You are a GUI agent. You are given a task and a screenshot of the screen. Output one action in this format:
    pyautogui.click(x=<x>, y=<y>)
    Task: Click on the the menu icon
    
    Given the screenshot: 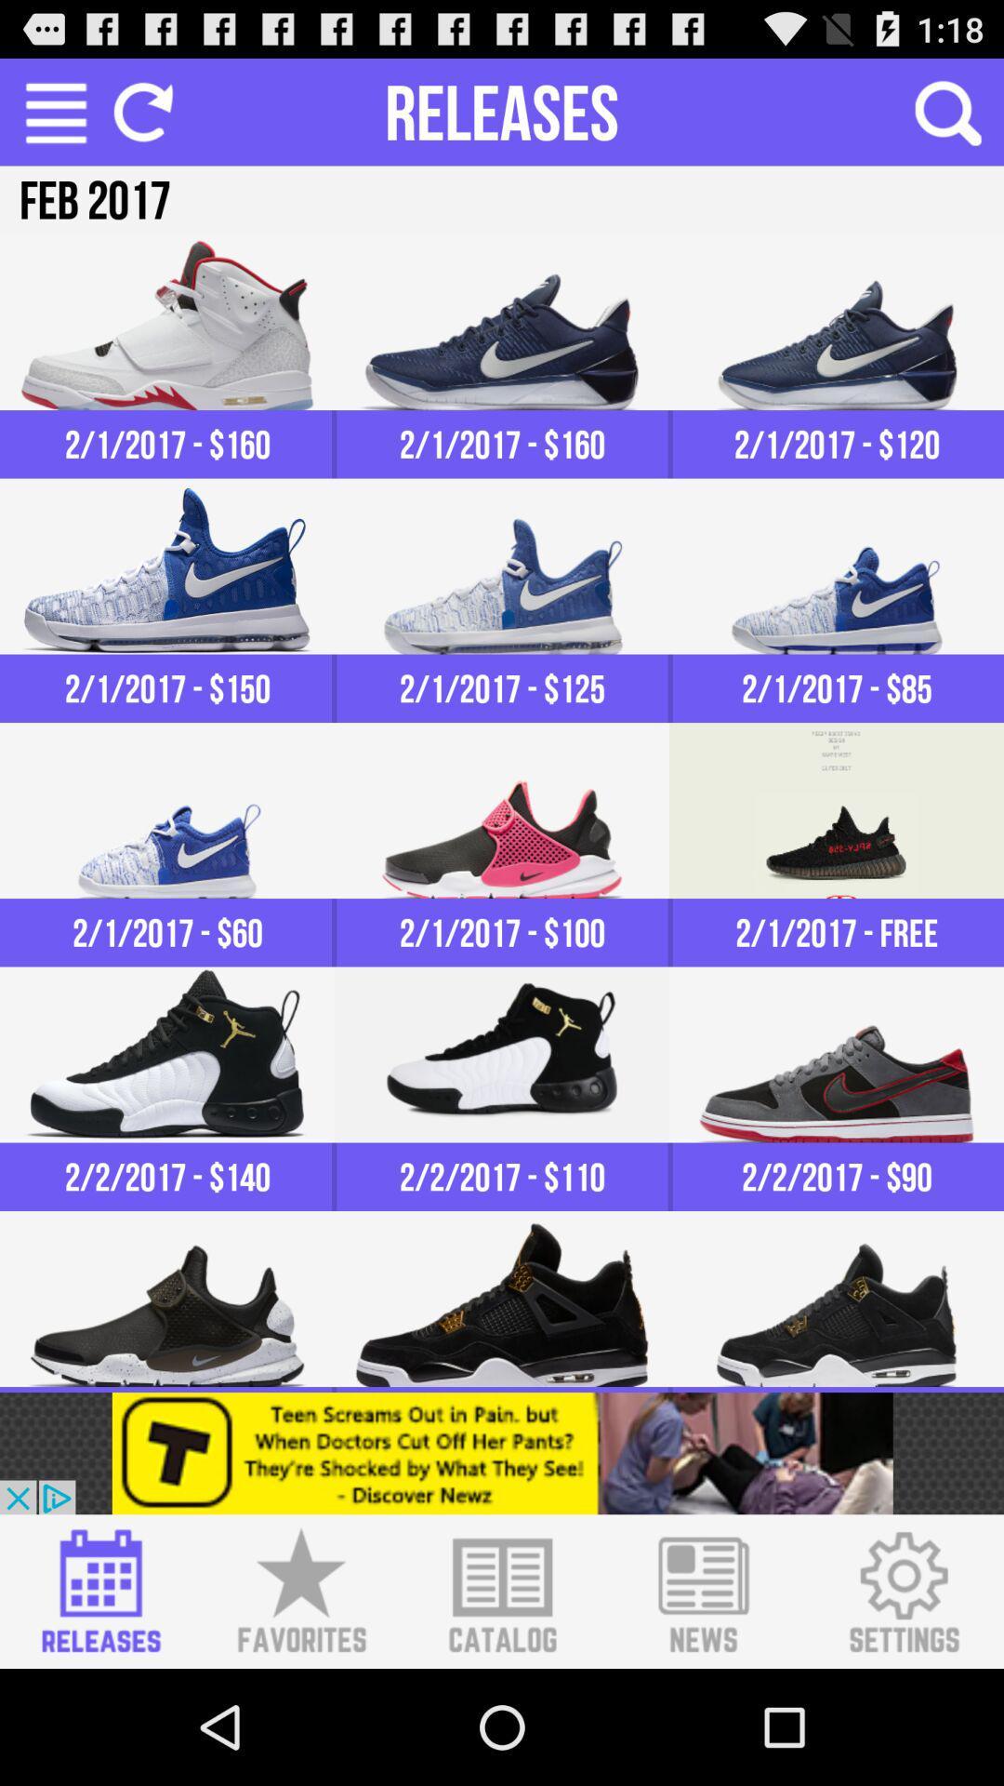 What is the action you would take?
    pyautogui.click(x=56, y=119)
    